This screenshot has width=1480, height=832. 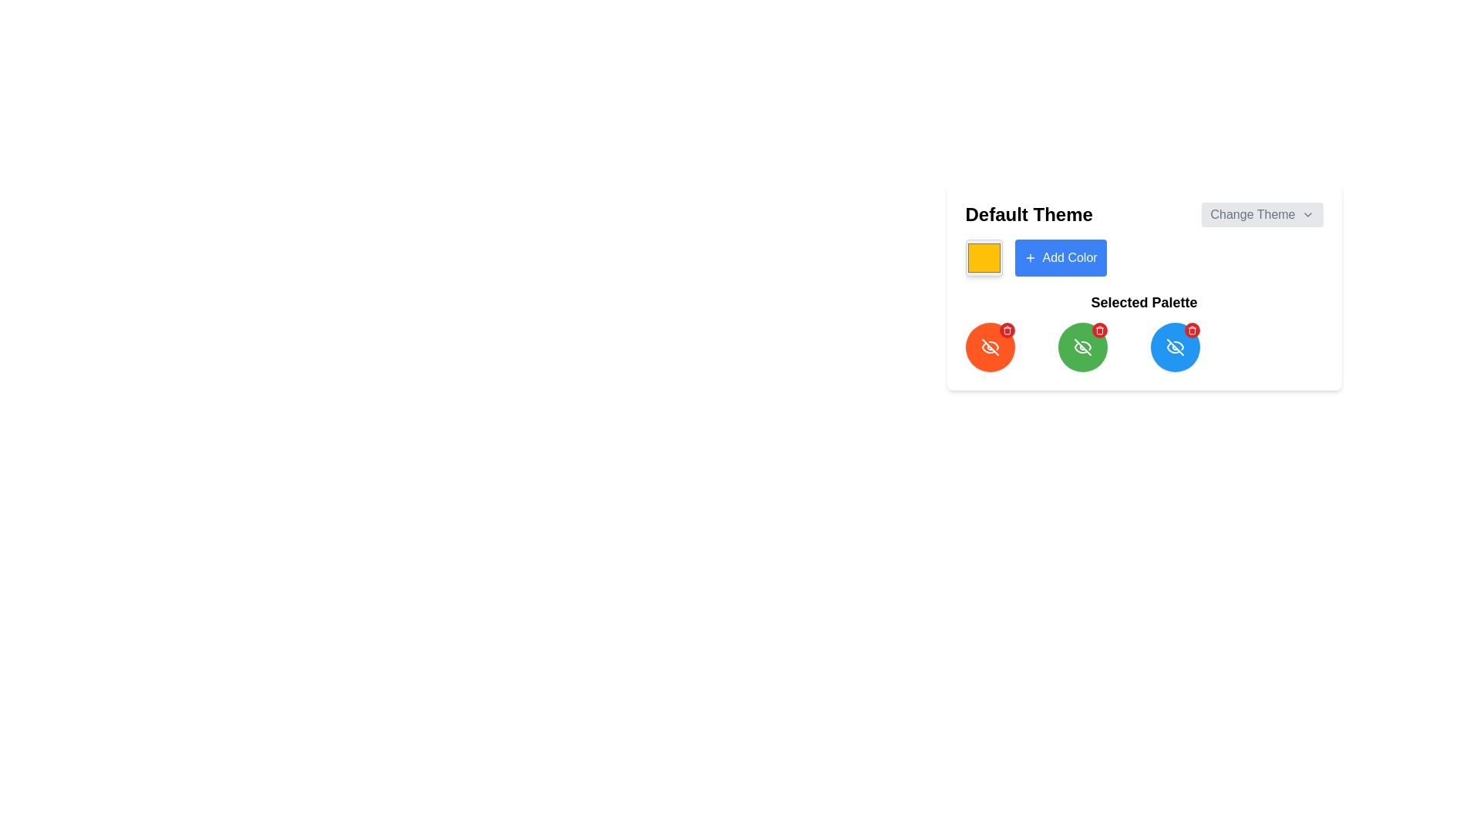 I want to click on the text label that indicates the dropdown menu functionality located in the upper-right corner of the interface, so click(x=1253, y=214).